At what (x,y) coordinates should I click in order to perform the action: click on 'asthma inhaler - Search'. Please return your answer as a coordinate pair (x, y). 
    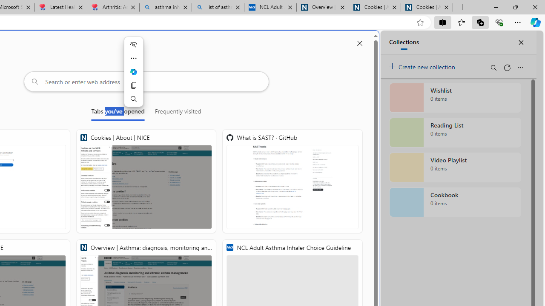
    Looking at the image, I should click on (166, 7).